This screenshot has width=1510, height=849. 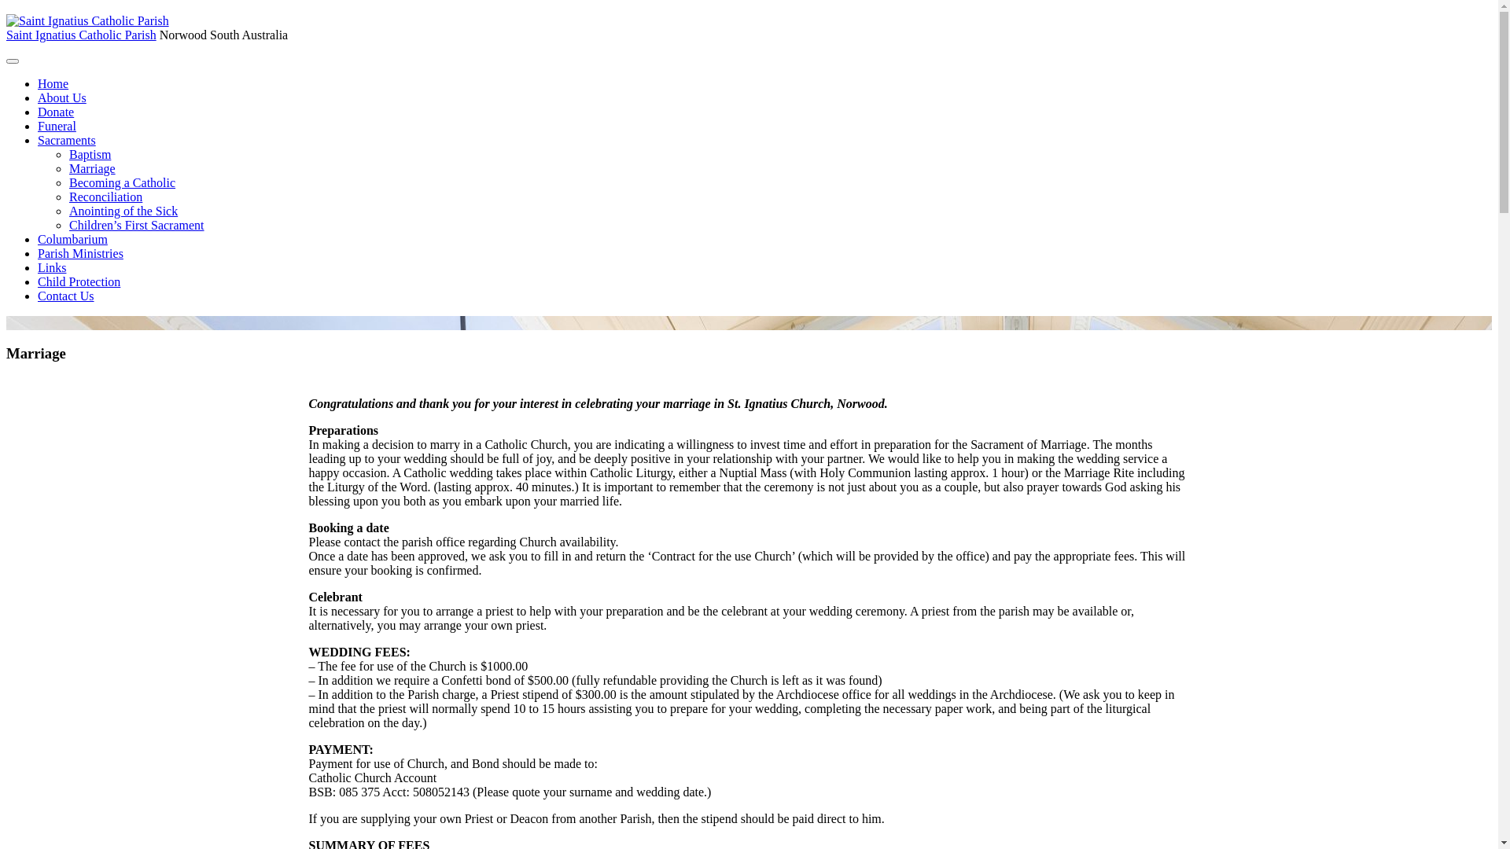 What do you see at coordinates (56, 111) in the screenshot?
I see `'Donate'` at bounding box center [56, 111].